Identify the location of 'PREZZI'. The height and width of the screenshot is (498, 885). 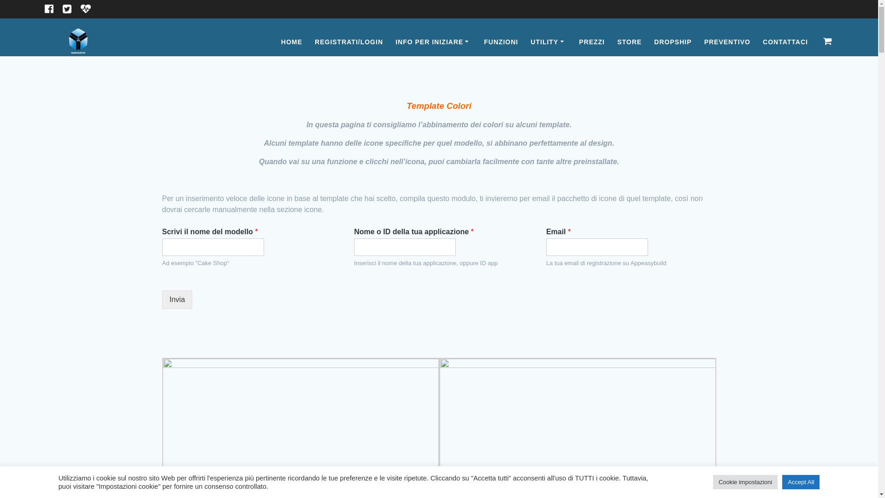
(591, 42).